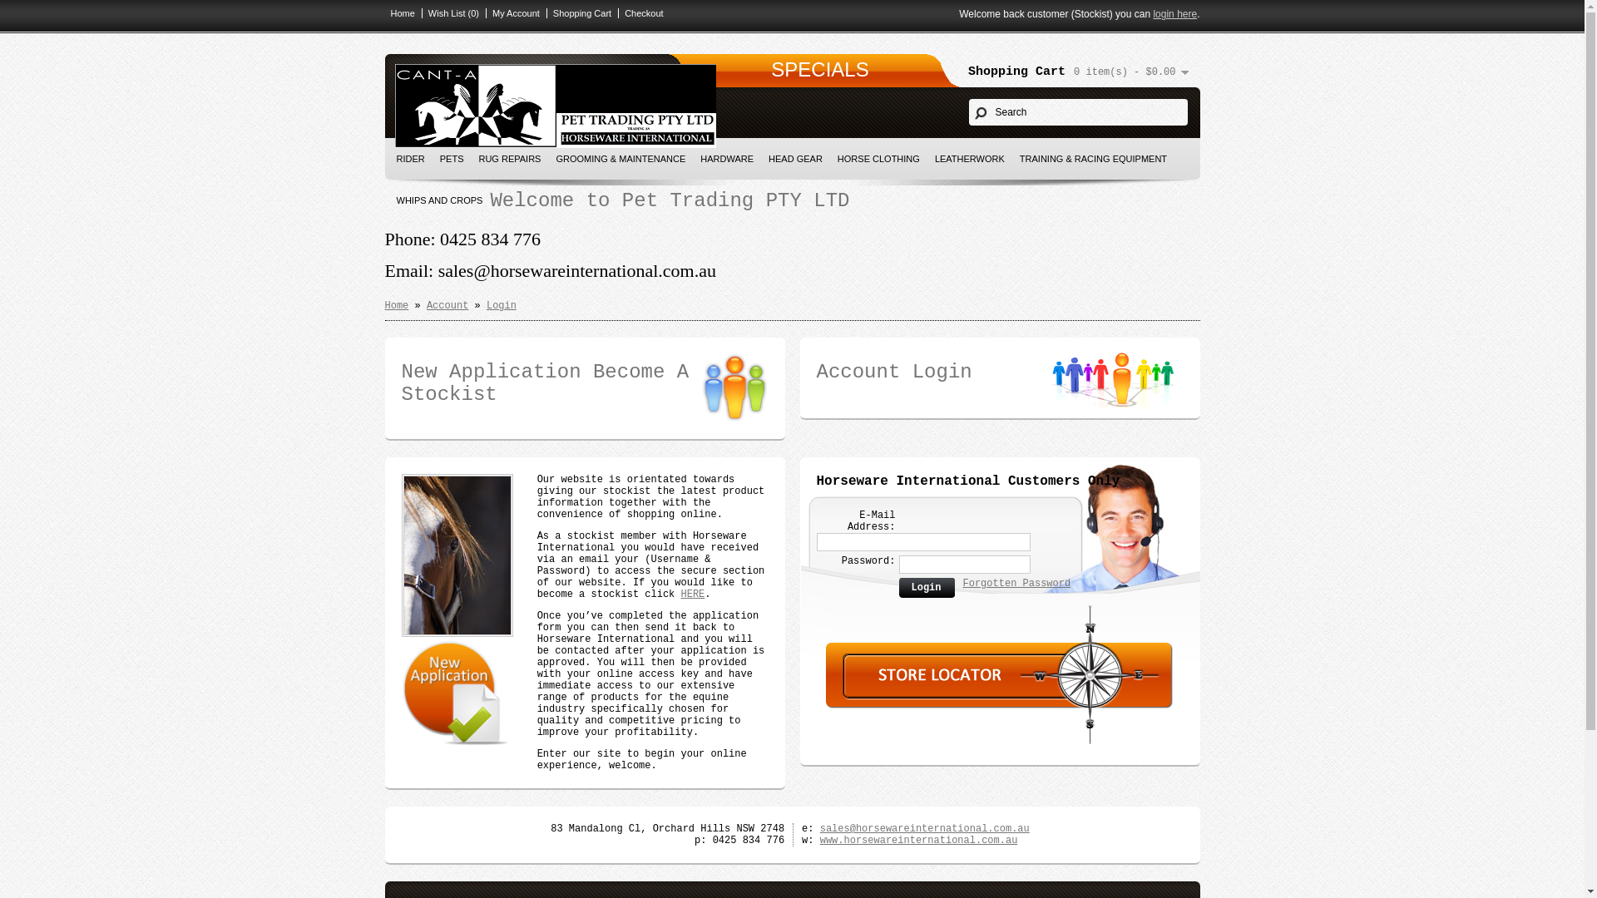  I want to click on 'Shopping Cart', so click(579, 12).